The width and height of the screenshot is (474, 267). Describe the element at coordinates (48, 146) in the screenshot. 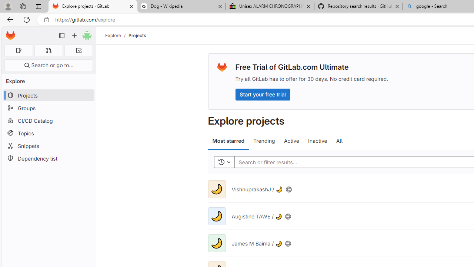

I see `'Snippets'` at that location.